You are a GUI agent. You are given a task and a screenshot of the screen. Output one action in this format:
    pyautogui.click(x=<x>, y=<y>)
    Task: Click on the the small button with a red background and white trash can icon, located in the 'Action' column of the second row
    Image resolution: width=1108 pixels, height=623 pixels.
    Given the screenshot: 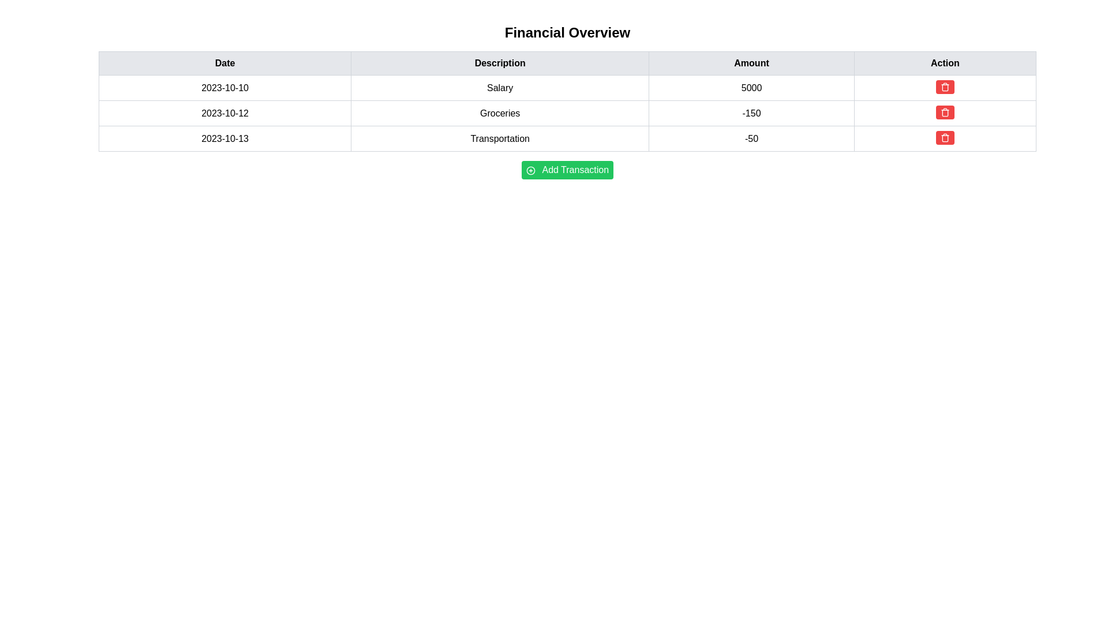 What is the action you would take?
    pyautogui.click(x=945, y=112)
    